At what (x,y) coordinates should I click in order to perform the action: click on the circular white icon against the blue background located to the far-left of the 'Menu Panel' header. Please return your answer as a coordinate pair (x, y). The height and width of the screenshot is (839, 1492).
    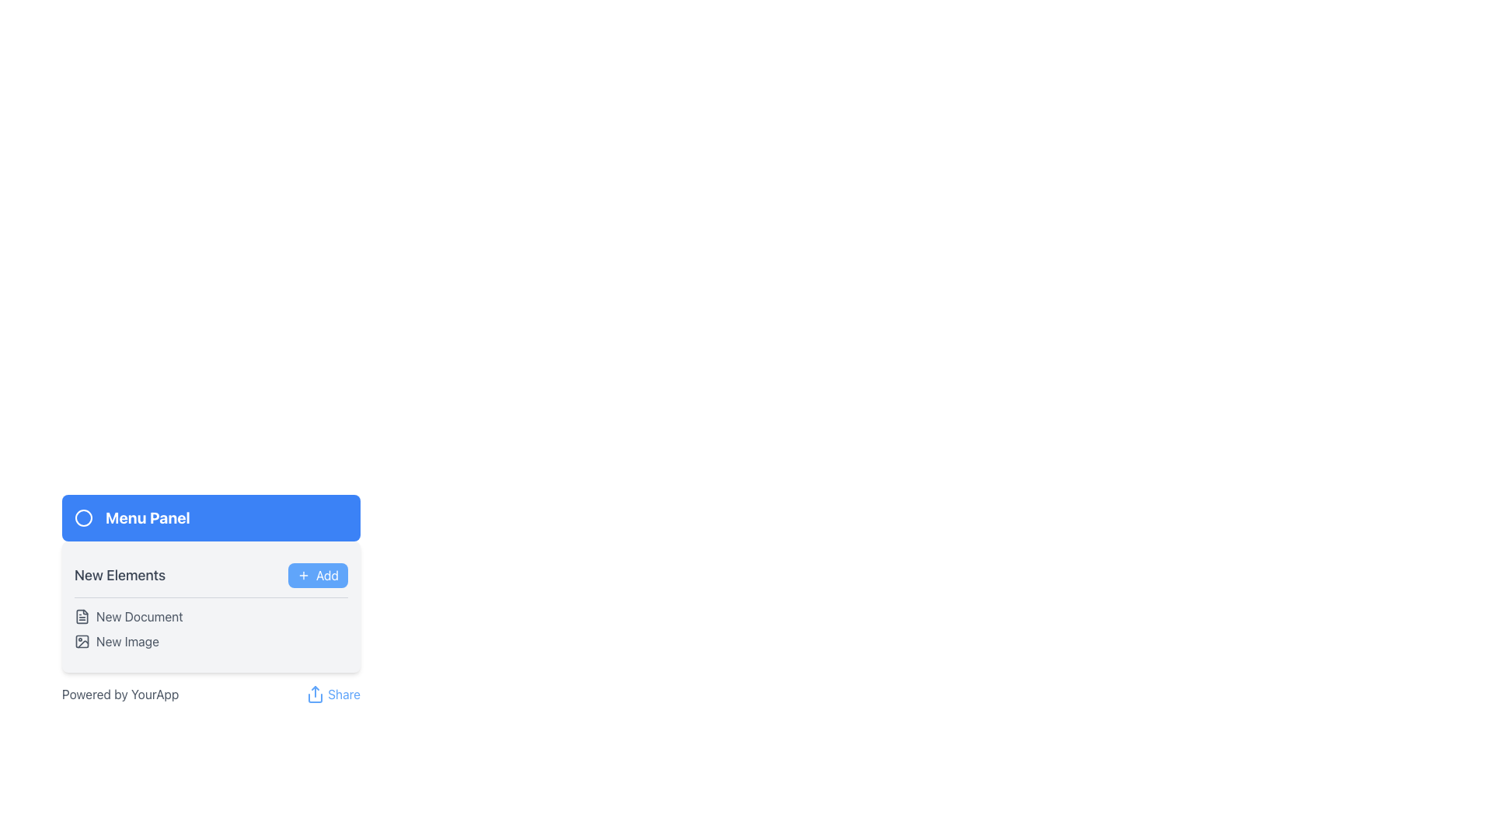
    Looking at the image, I should click on (83, 518).